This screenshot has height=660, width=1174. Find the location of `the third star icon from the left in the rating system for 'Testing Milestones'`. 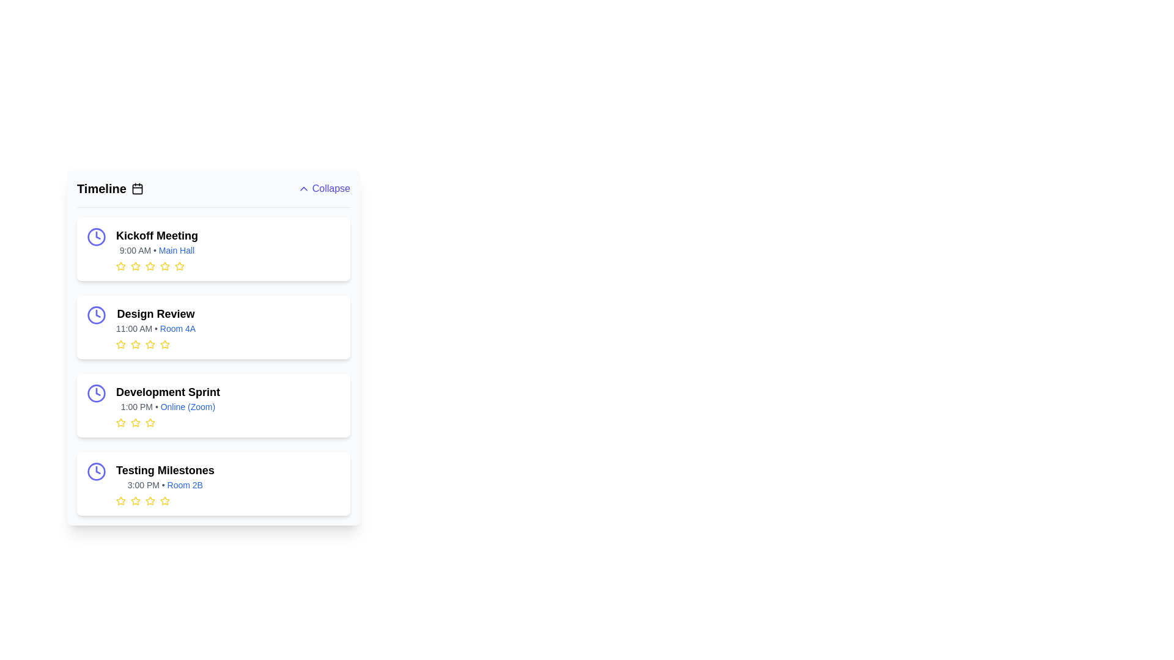

the third star icon from the left in the rating system for 'Testing Milestones' is located at coordinates (135, 501).